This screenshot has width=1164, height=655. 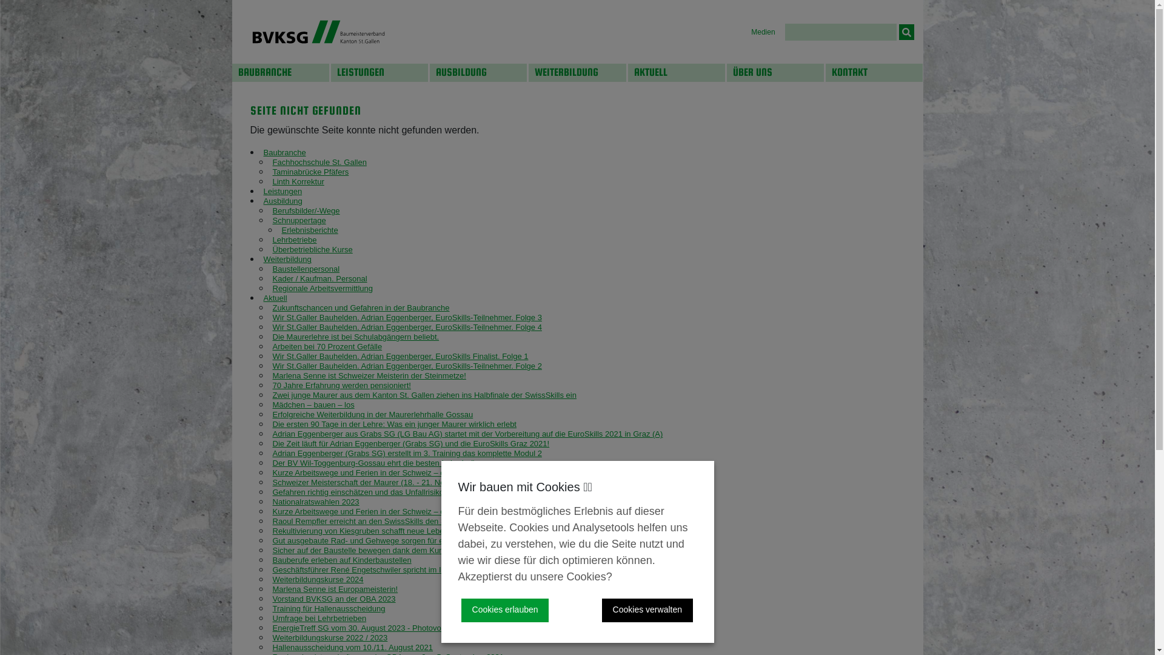 What do you see at coordinates (286, 258) in the screenshot?
I see `'Weiterbildung'` at bounding box center [286, 258].